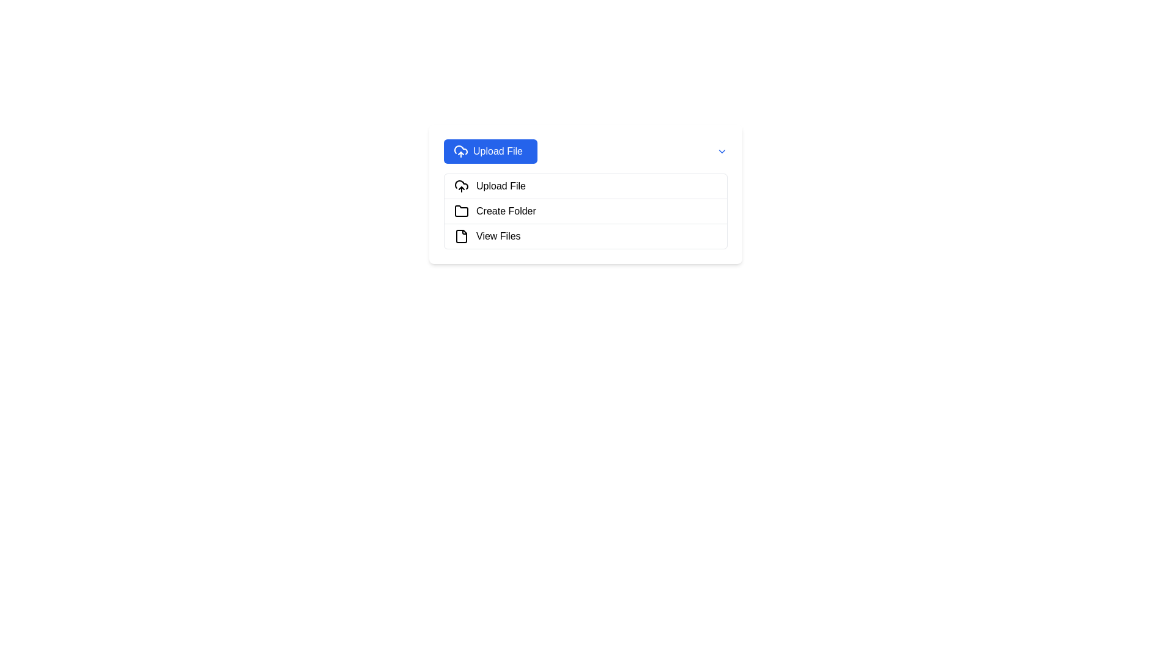 The image size is (1174, 660). What do you see at coordinates (501, 186) in the screenshot?
I see `the 'Upload File' text label in the dropdown menu` at bounding box center [501, 186].